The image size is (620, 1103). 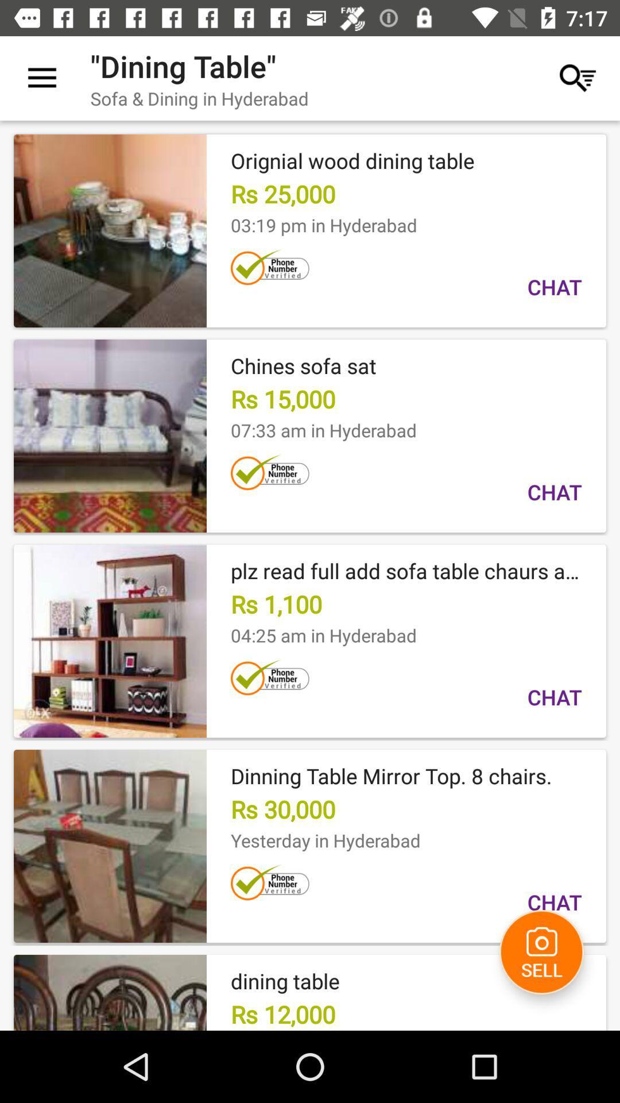 What do you see at coordinates (541, 952) in the screenshot?
I see `the photo icon` at bounding box center [541, 952].